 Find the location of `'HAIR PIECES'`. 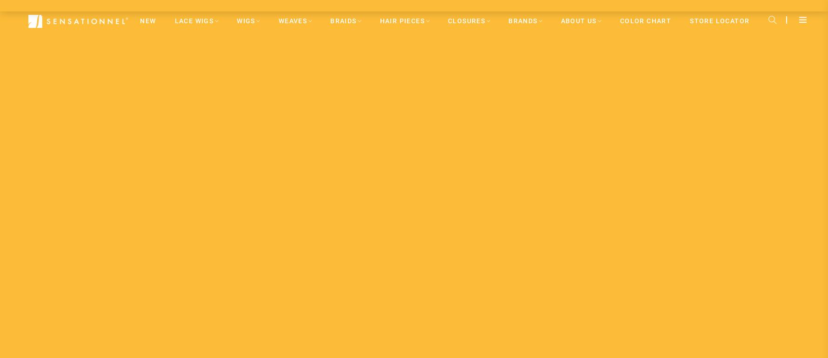

'HAIR PIECES' is located at coordinates (401, 20).